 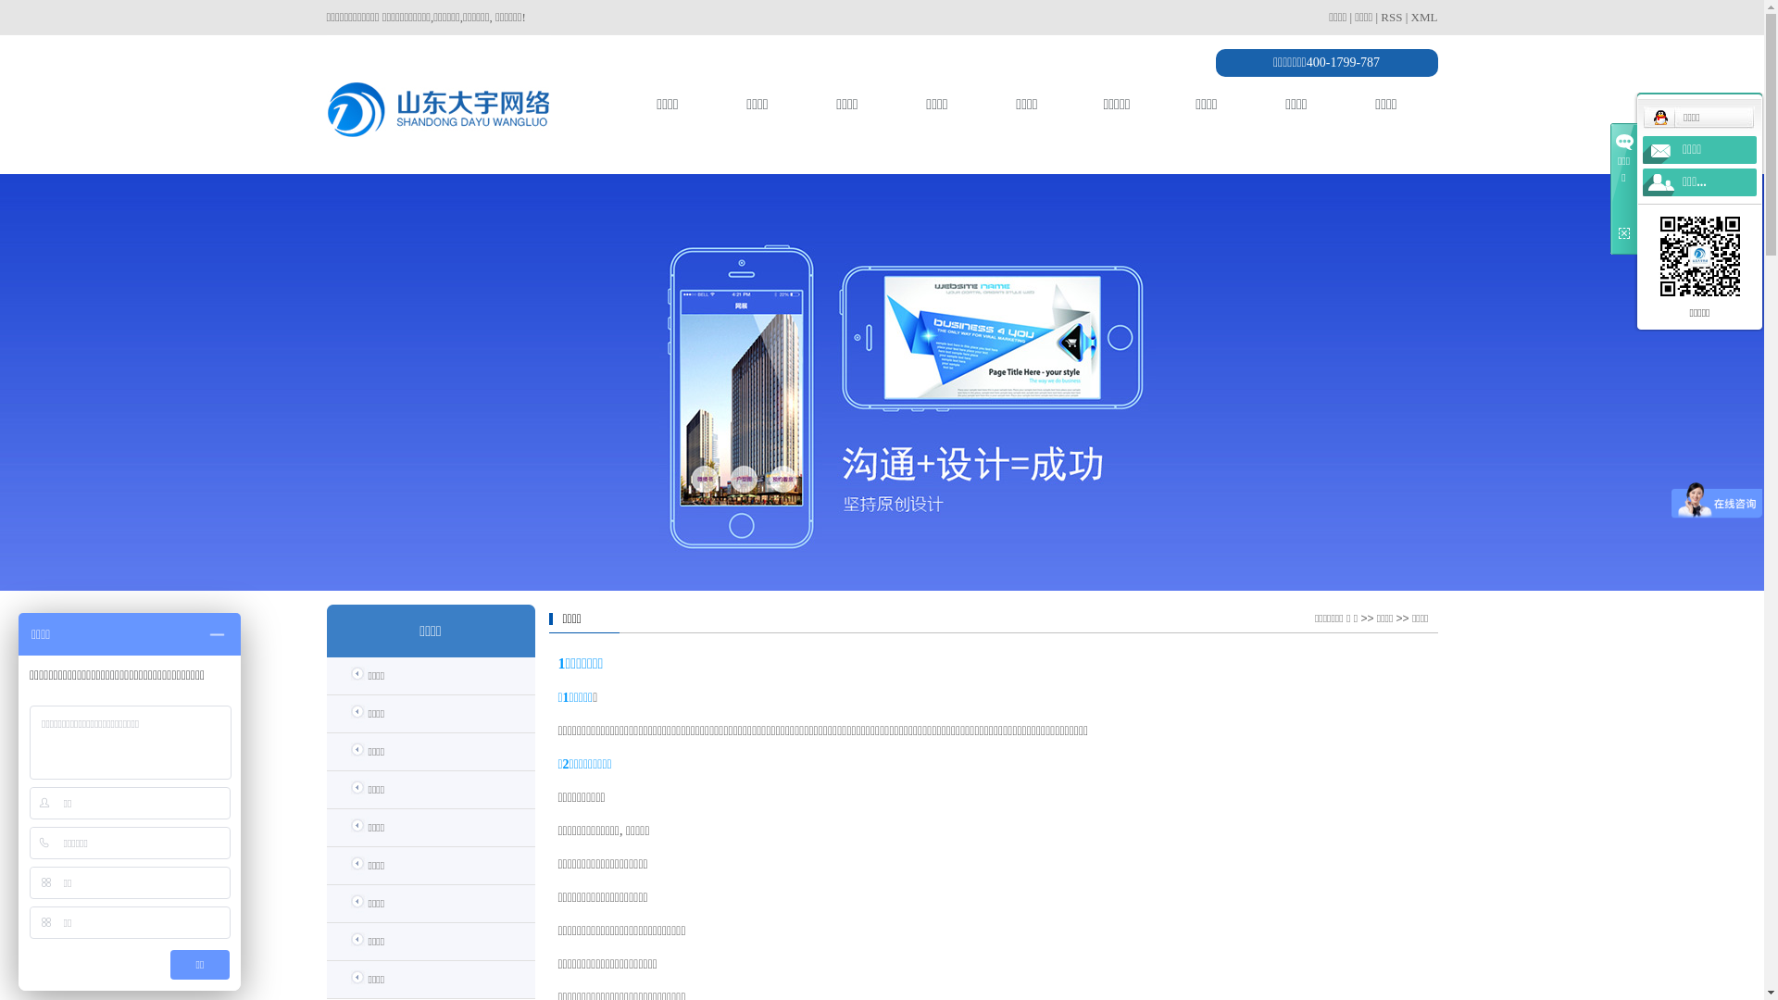 I want to click on 'RSS', so click(x=1381, y=17).